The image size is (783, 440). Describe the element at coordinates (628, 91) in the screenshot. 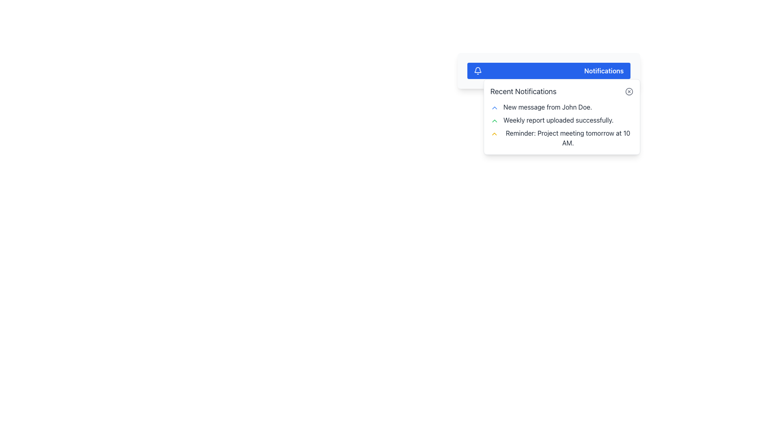

I see `the gray close button with a red hover effect, which features a circular border and a cross shape, located in the top-right corner of the 'Recent Notifications' section` at that location.